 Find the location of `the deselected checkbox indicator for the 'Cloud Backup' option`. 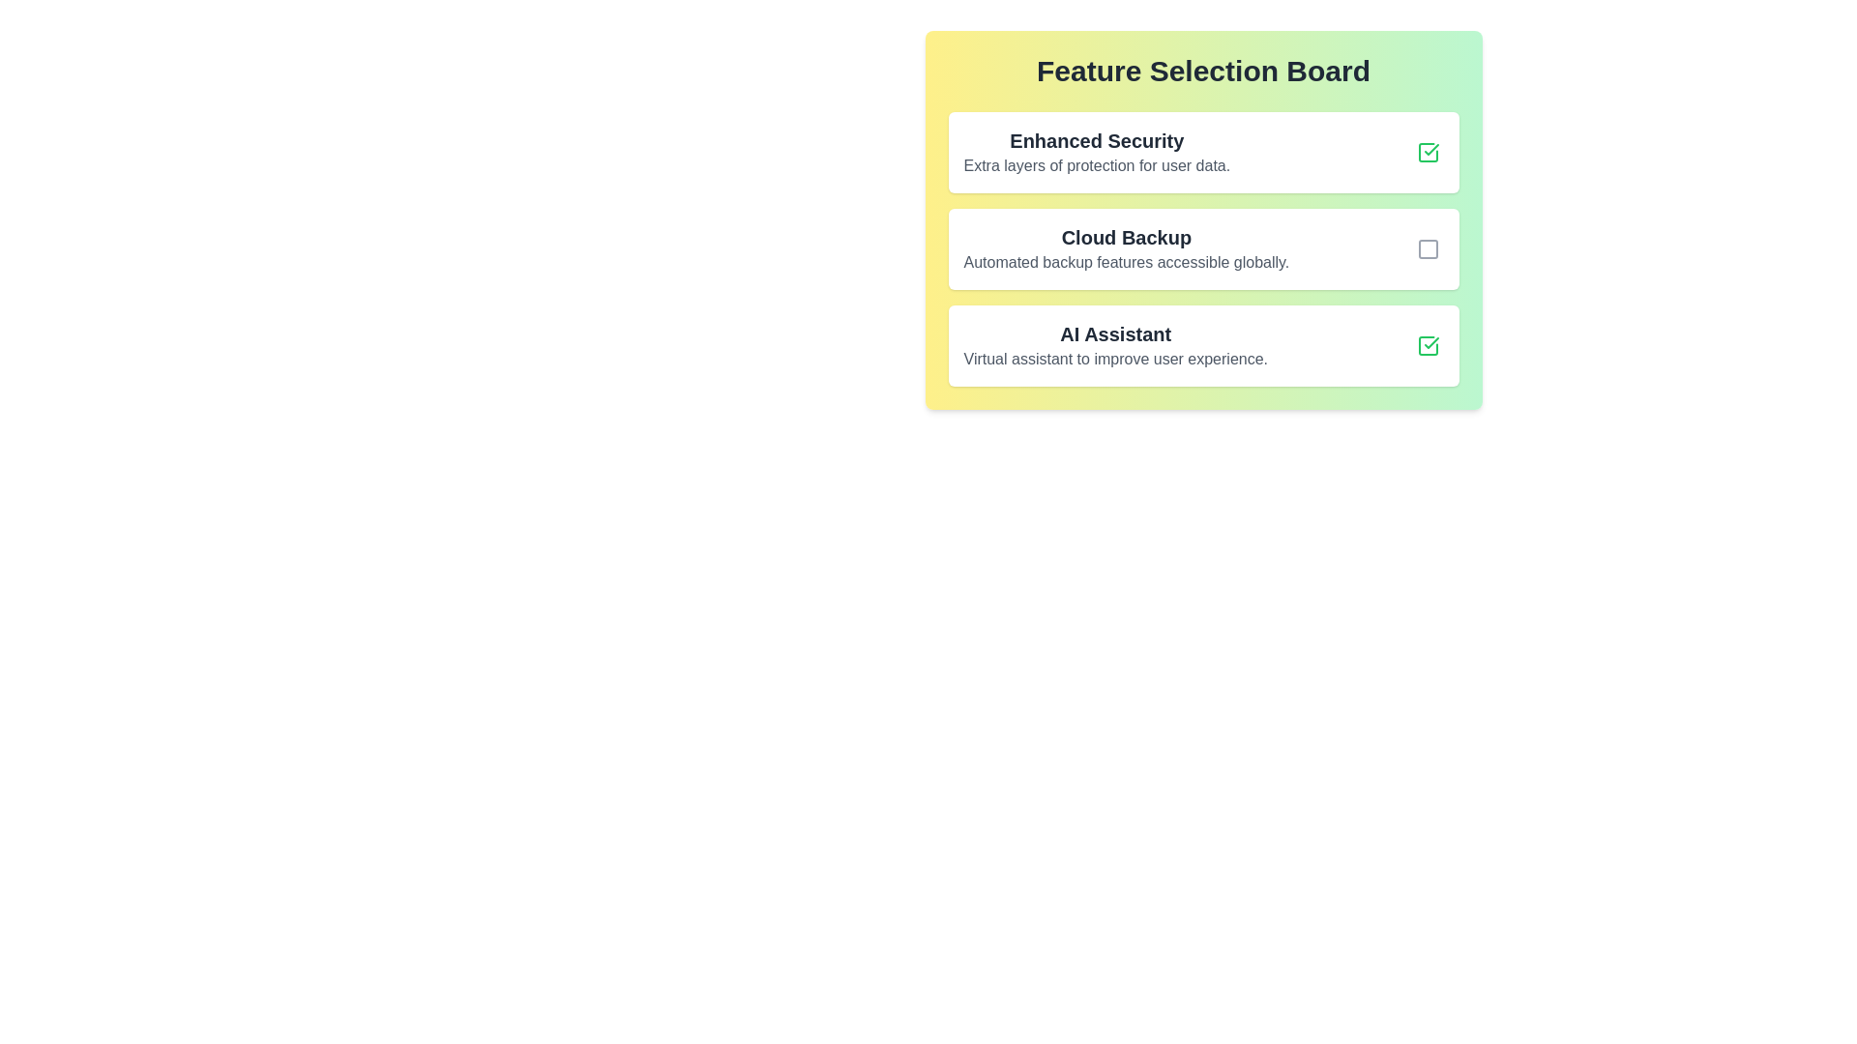

the deselected checkbox indicator for the 'Cloud Backup' option is located at coordinates (1428, 248).